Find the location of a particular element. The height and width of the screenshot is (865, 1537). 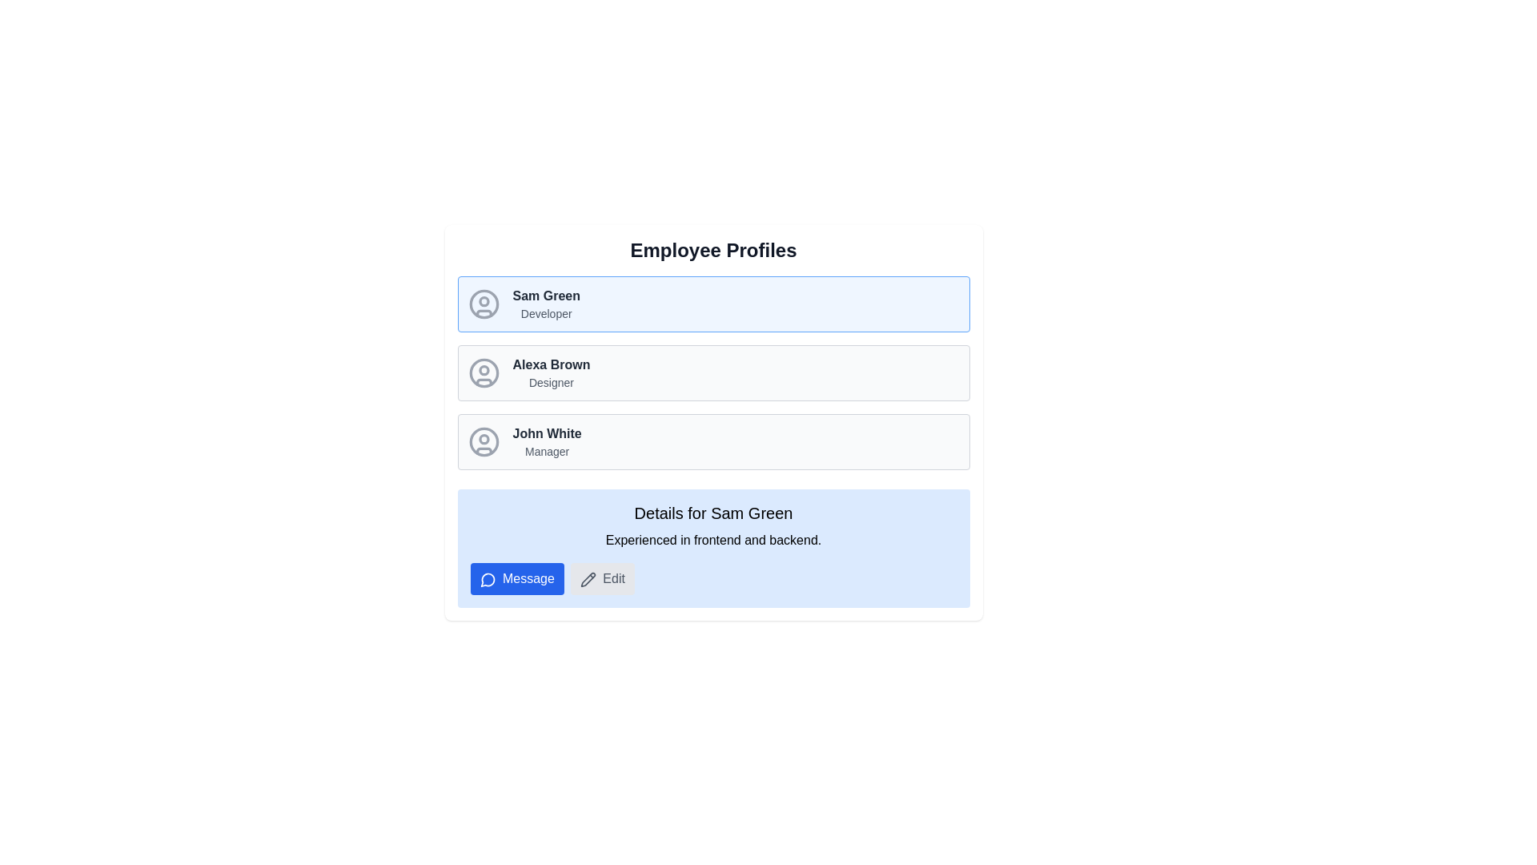

the circular outline of the user icon for 'Alexa Brown Designer' in the profile section is located at coordinates (483, 373).